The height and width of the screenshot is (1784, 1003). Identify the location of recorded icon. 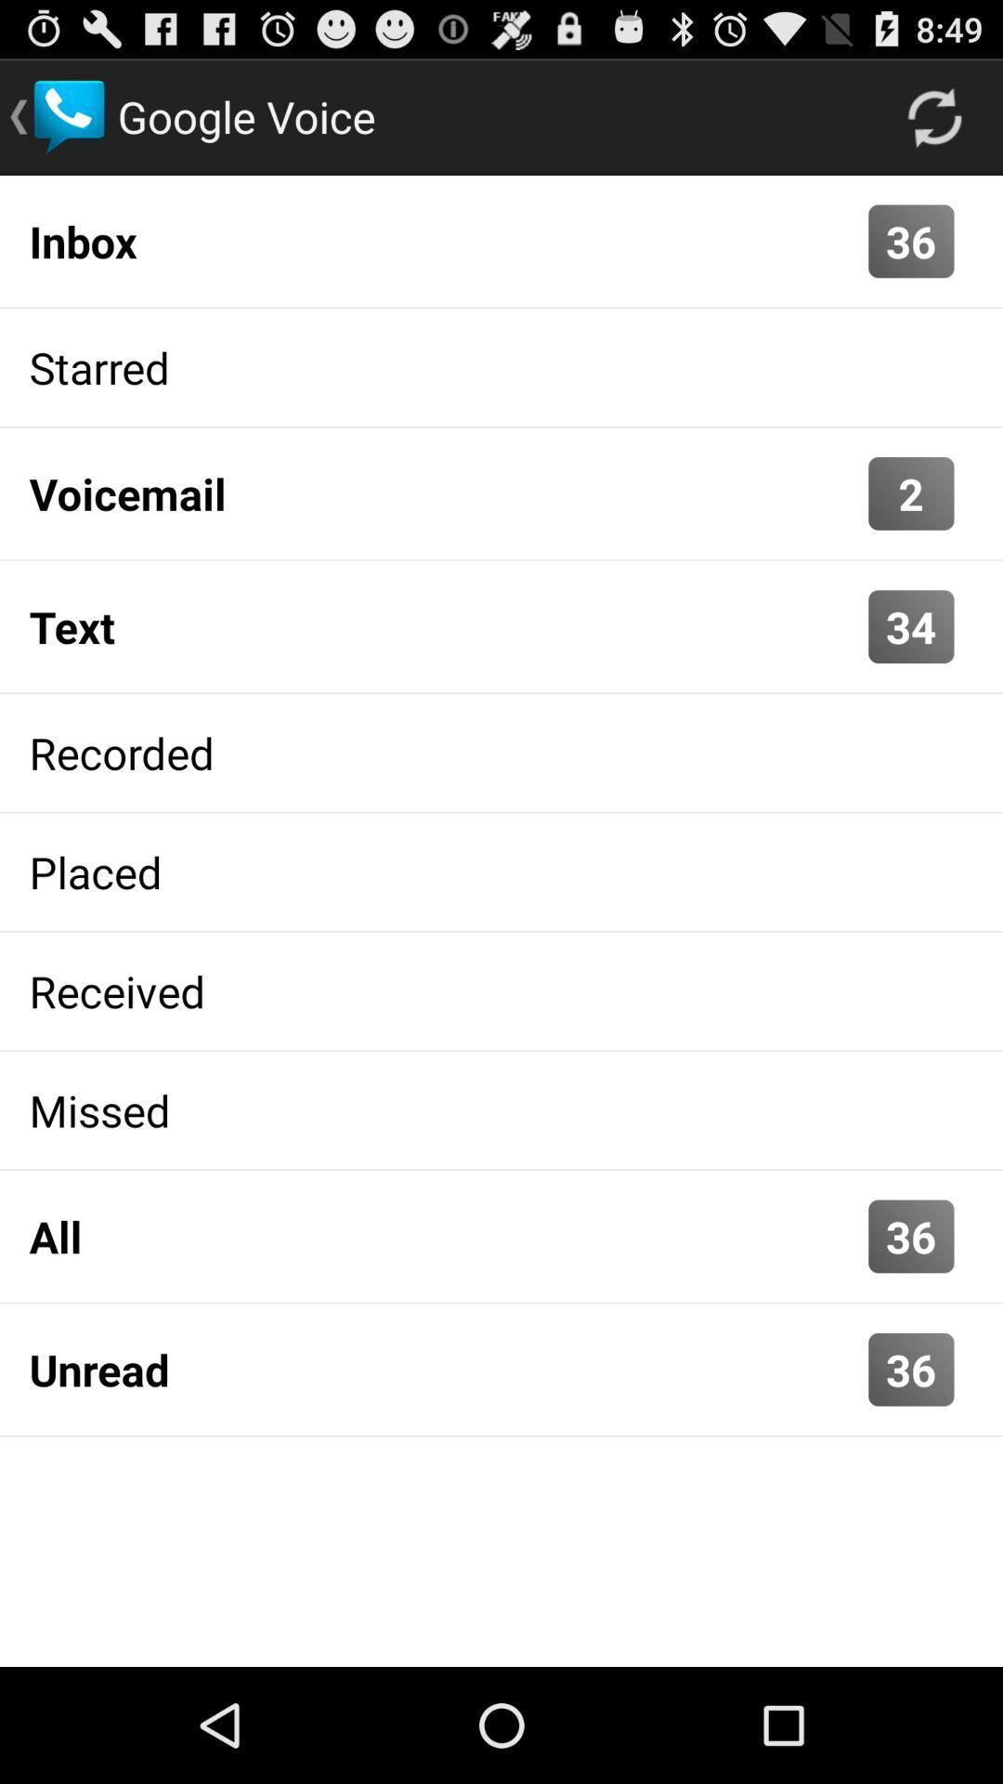
(501, 753).